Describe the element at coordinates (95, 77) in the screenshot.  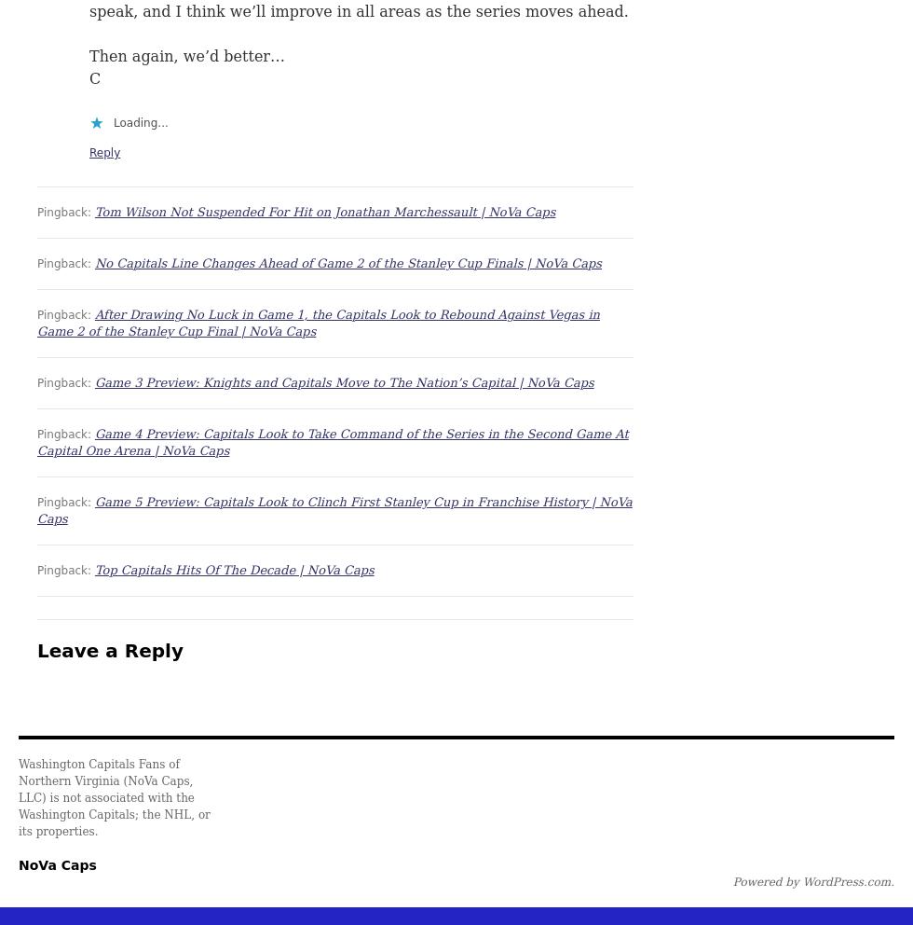
I see `'C'` at that location.